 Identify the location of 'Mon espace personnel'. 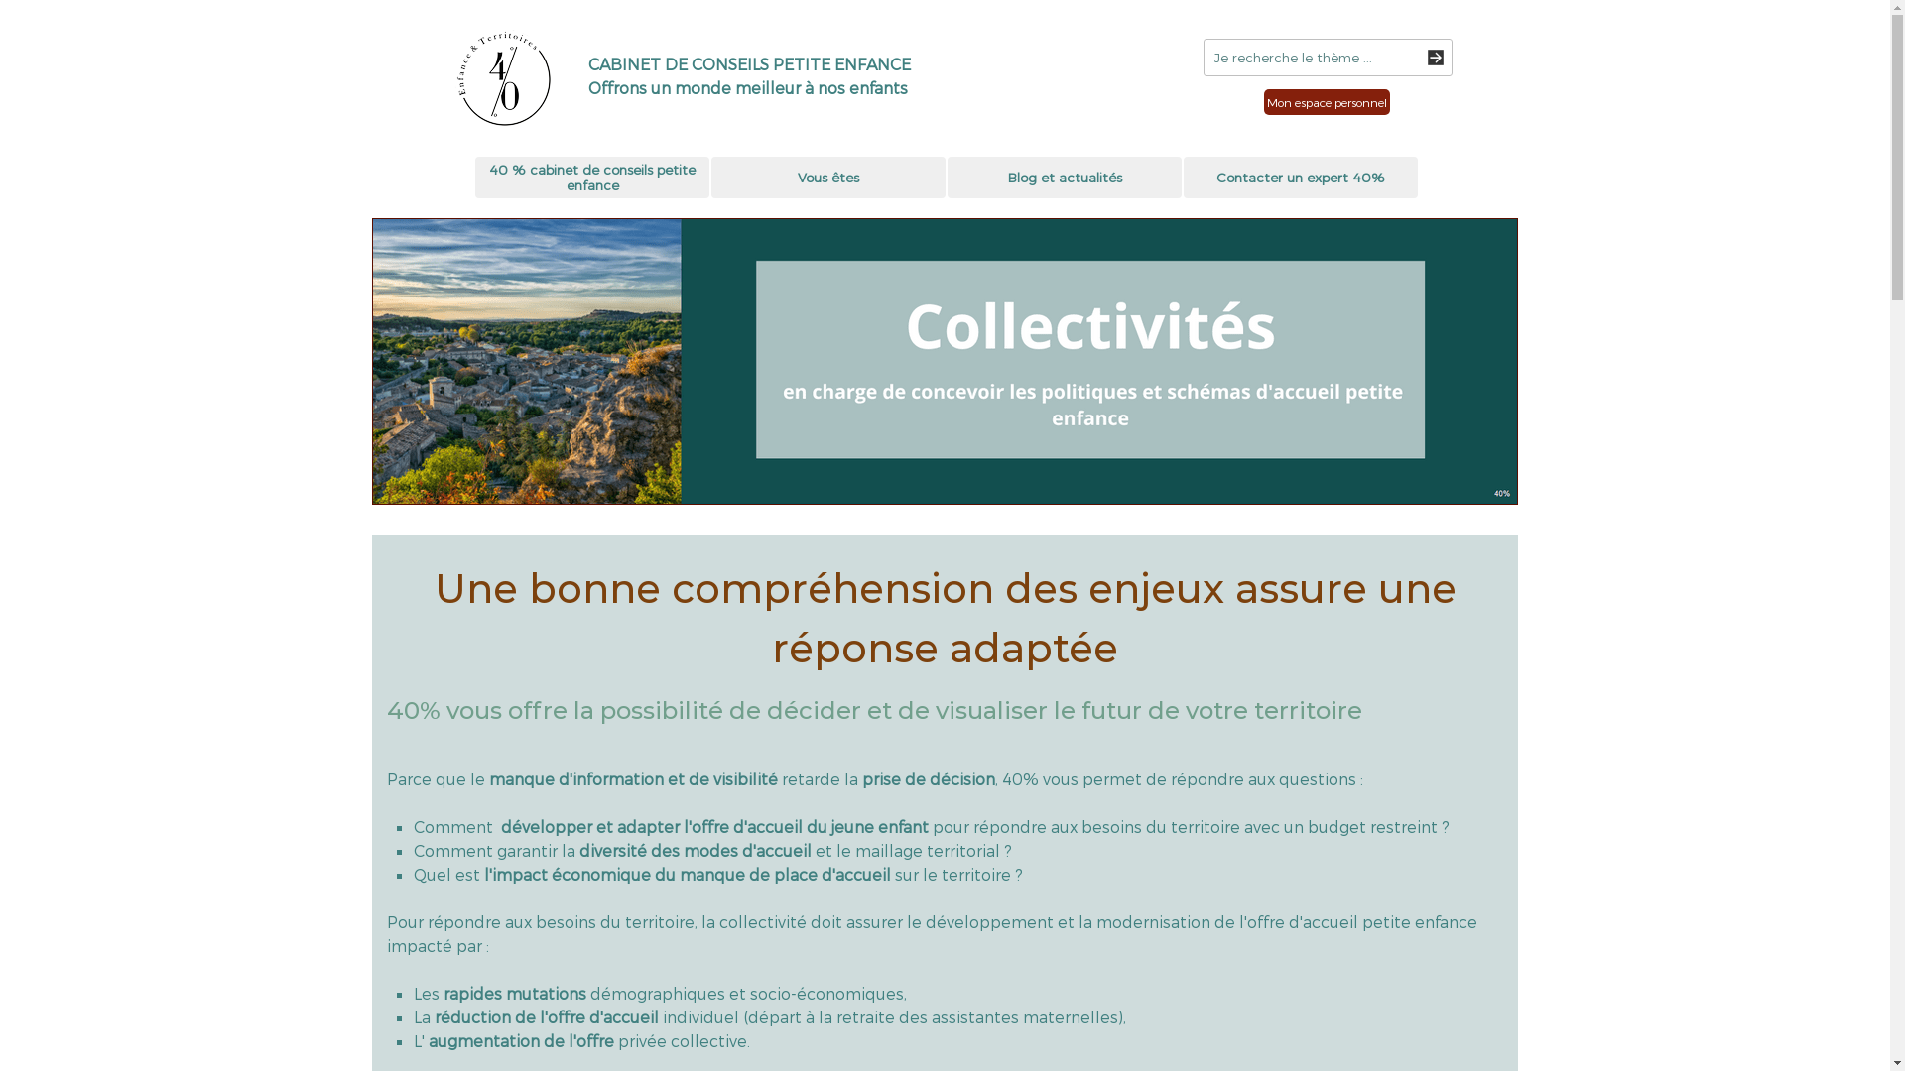
(1327, 102).